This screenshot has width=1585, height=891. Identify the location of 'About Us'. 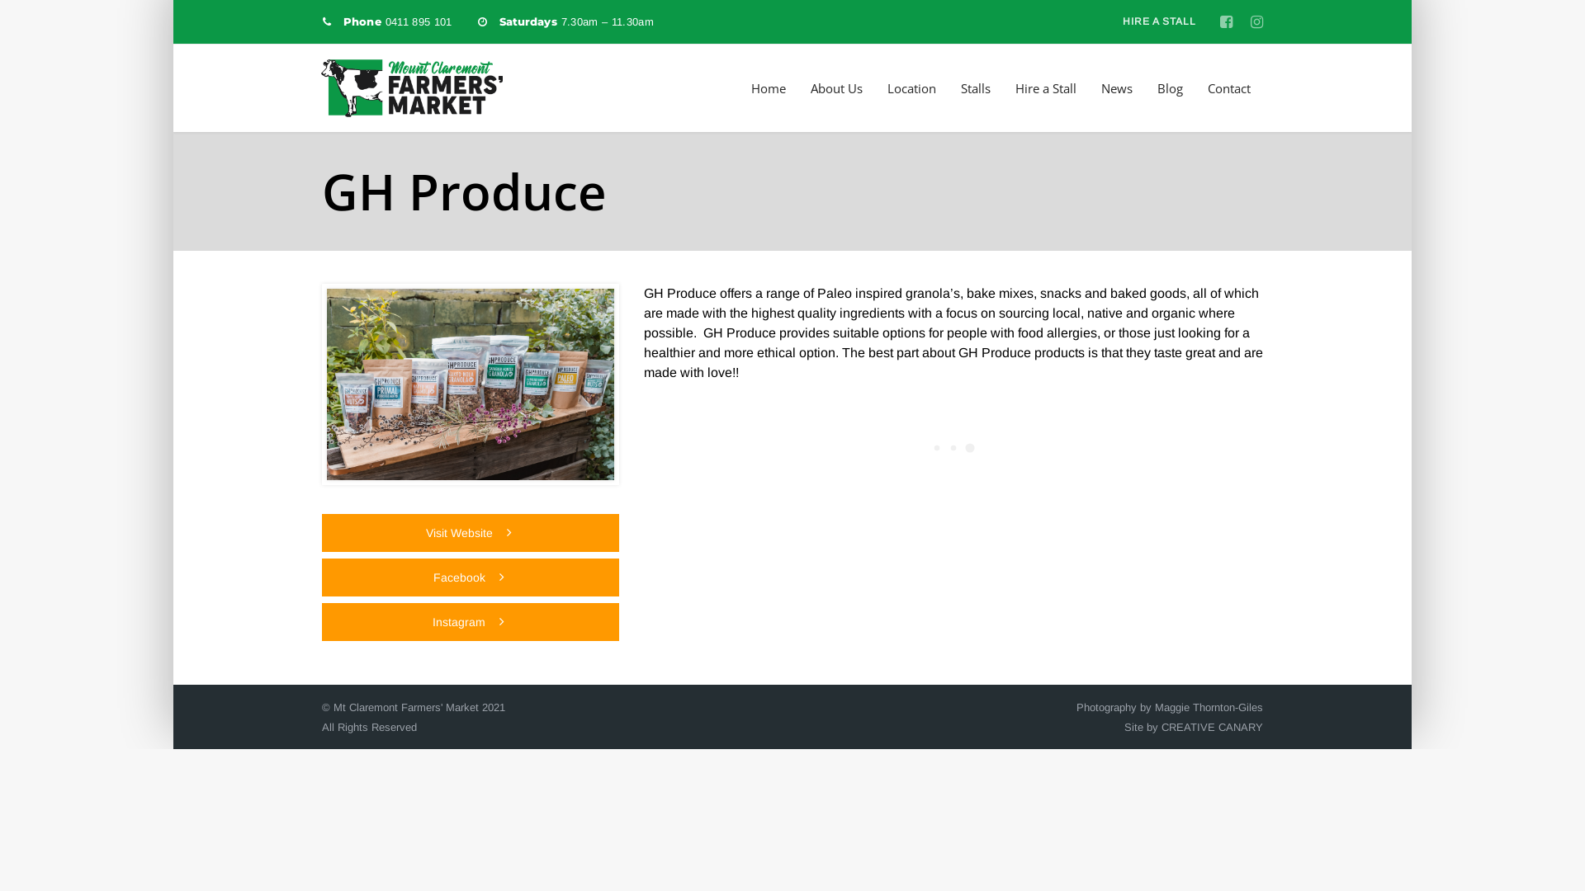
(836, 88).